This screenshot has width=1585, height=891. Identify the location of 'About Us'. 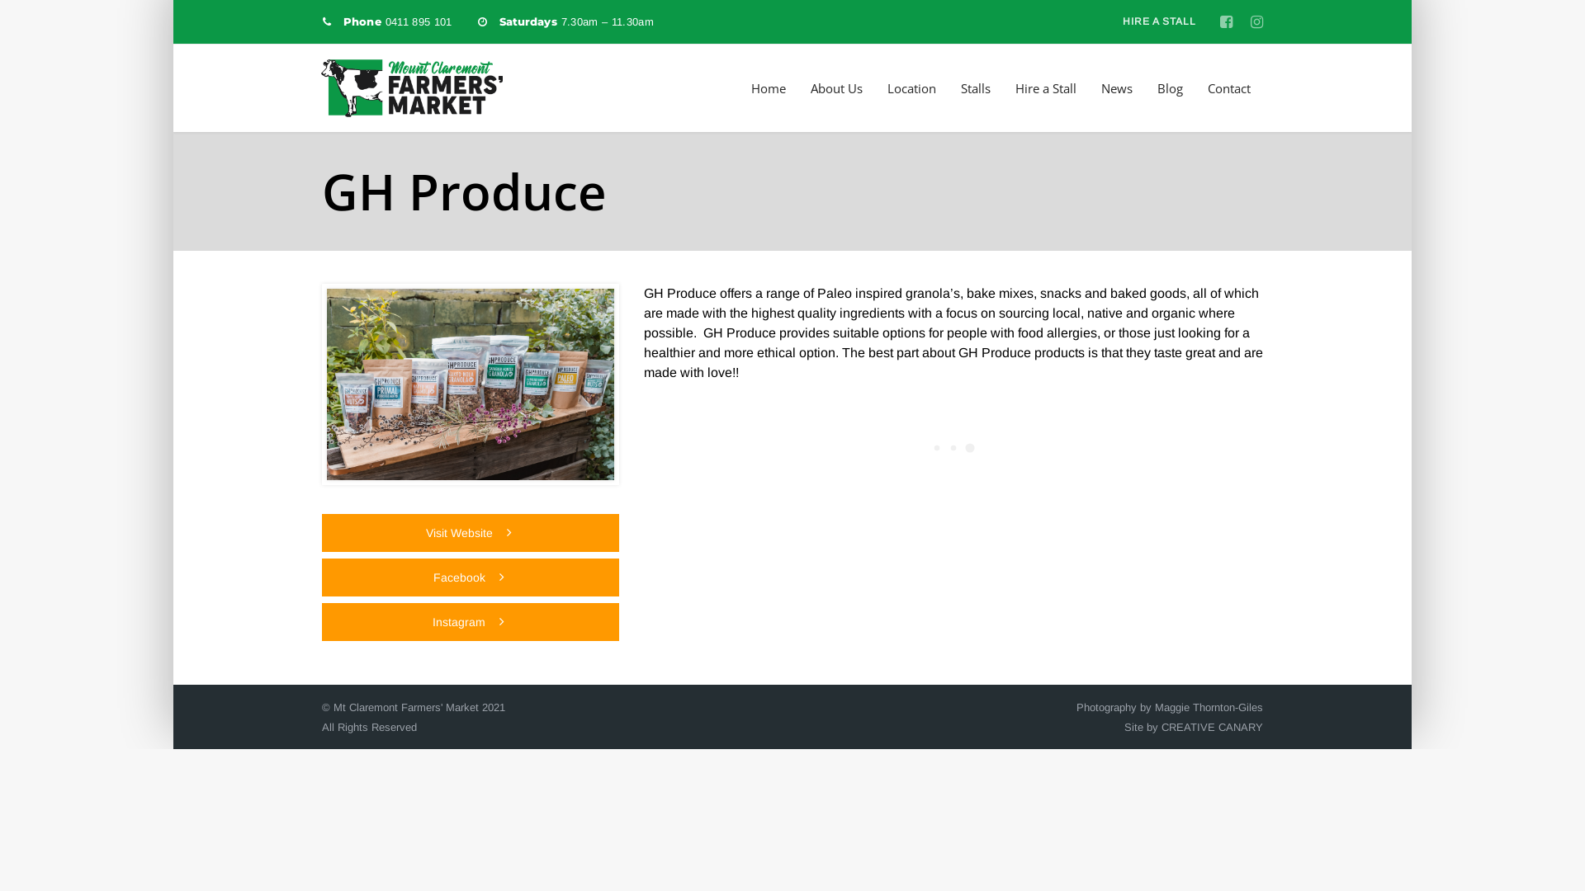
(836, 88).